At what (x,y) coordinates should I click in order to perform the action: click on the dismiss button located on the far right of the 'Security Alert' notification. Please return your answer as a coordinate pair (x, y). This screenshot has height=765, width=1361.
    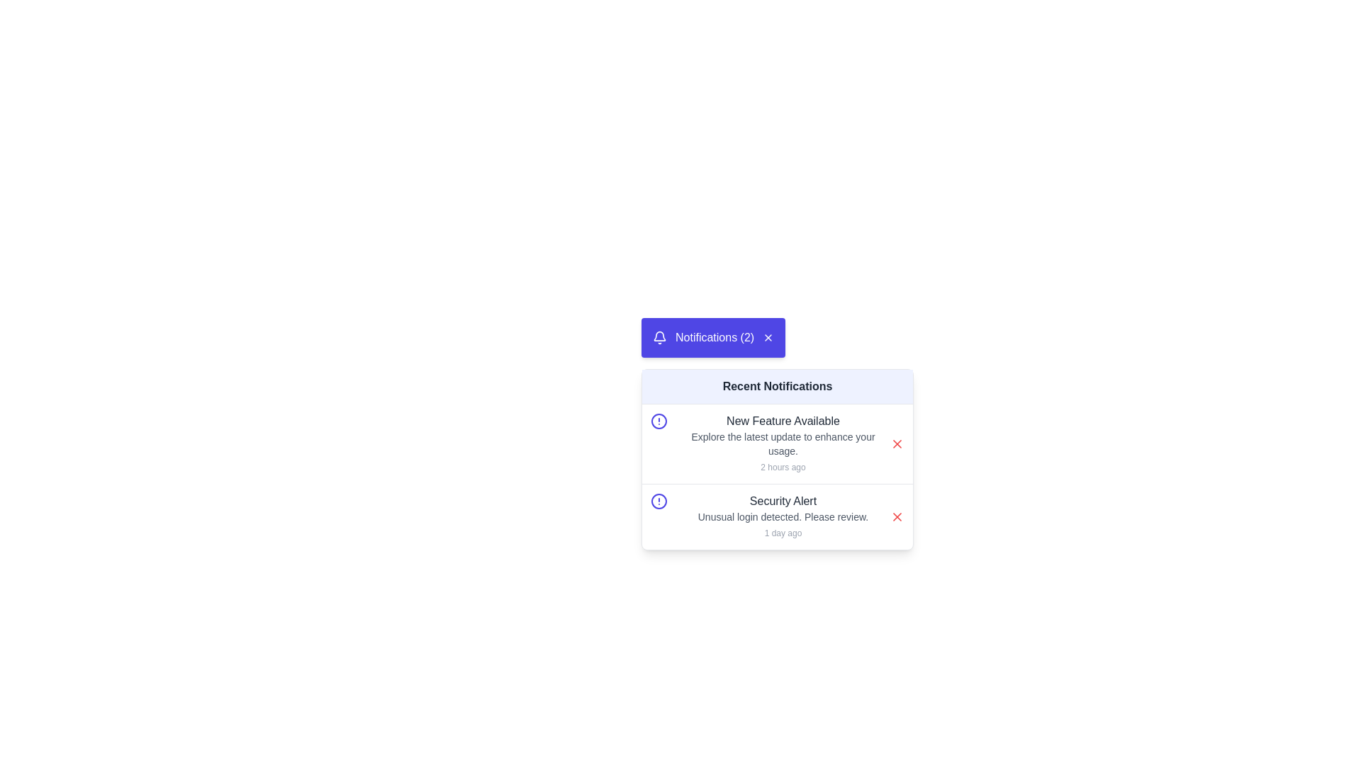
    Looking at the image, I should click on (897, 516).